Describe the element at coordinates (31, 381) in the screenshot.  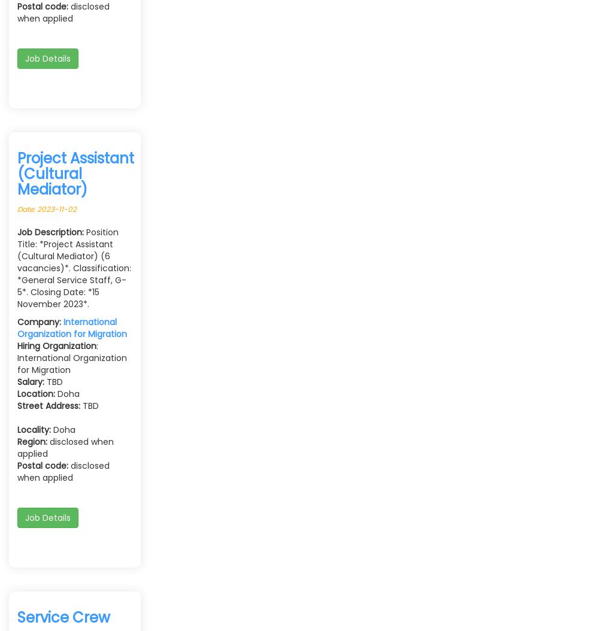
I see `'Salary:'` at that location.